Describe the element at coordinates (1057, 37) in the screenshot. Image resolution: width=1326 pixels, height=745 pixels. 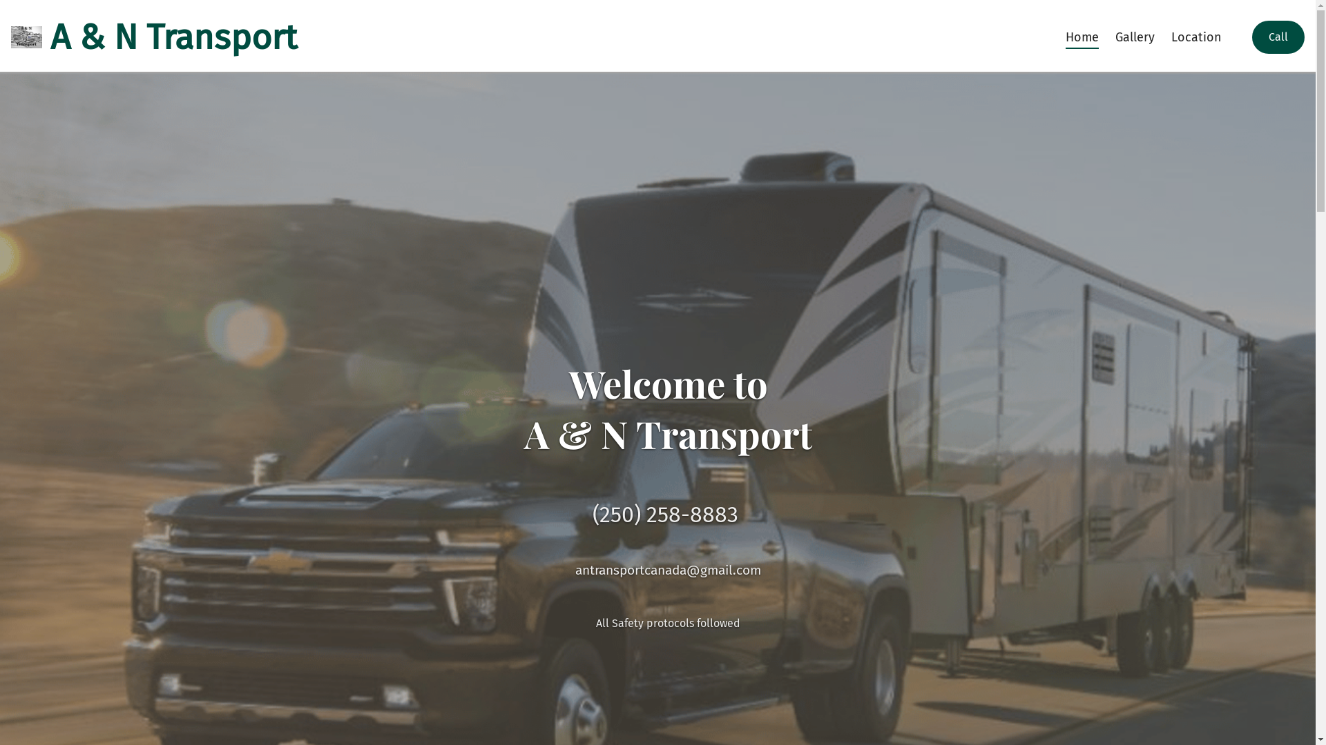
I see `'Home'` at that location.